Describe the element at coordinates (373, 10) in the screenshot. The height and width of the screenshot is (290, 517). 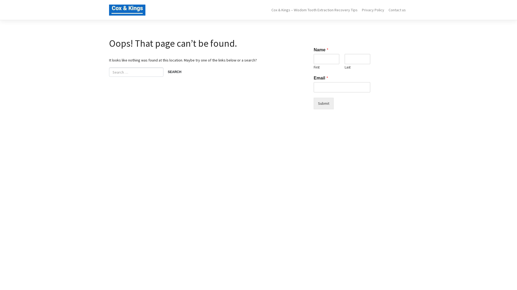
I see `'Privacy Policy'` at that location.